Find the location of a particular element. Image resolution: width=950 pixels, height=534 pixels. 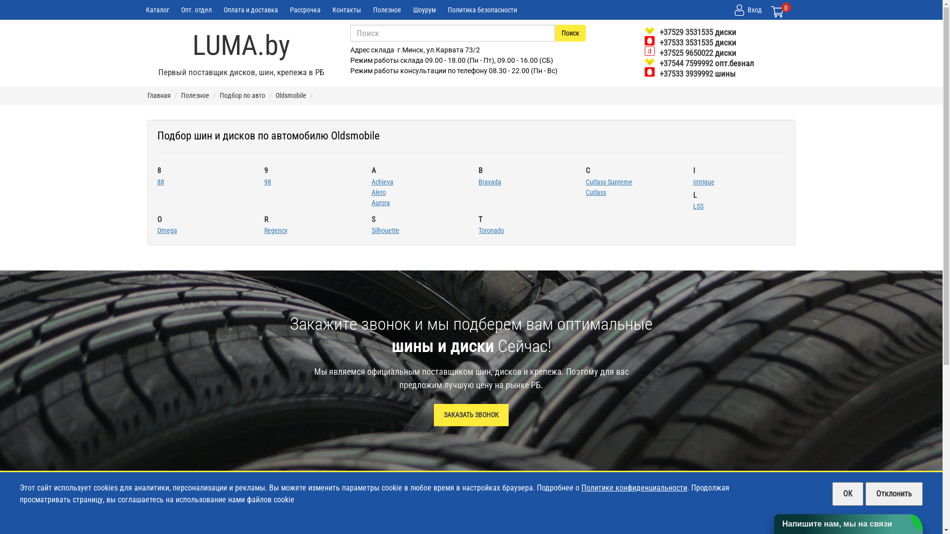

'Alero' is located at coordinates (378, 192).